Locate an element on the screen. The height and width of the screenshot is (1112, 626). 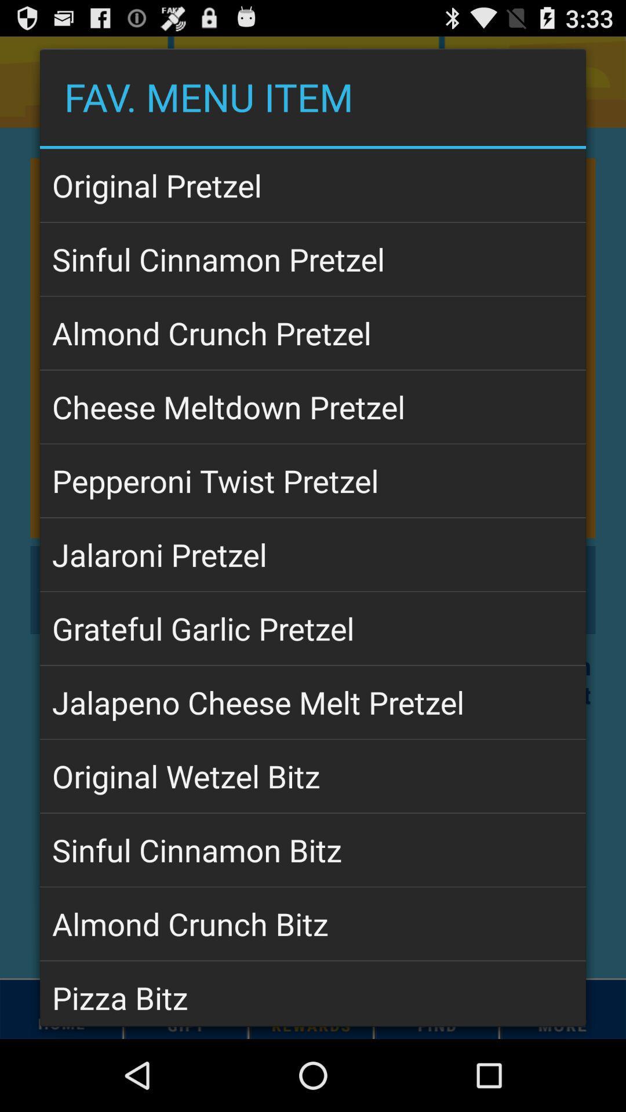
the app above the jalapeno cheese melt app is located at coordinates (313, 628).